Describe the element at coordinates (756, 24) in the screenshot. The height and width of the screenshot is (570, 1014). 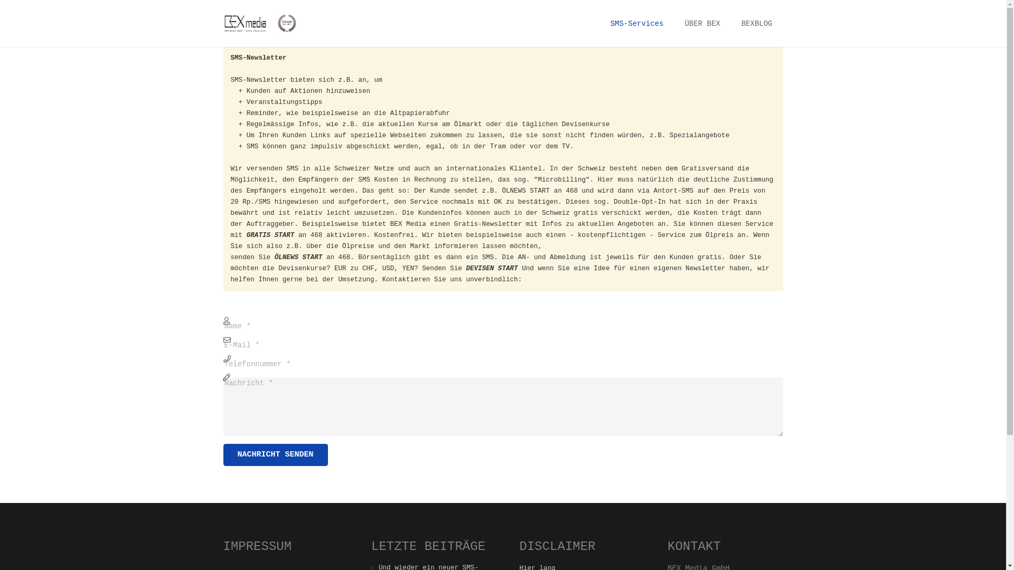
I see `'BEXBLOG'` at that location.